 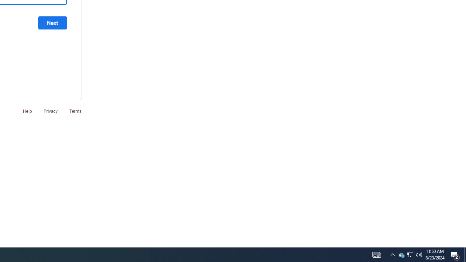 I want to click on 'Next', so click(x=52, y=23).